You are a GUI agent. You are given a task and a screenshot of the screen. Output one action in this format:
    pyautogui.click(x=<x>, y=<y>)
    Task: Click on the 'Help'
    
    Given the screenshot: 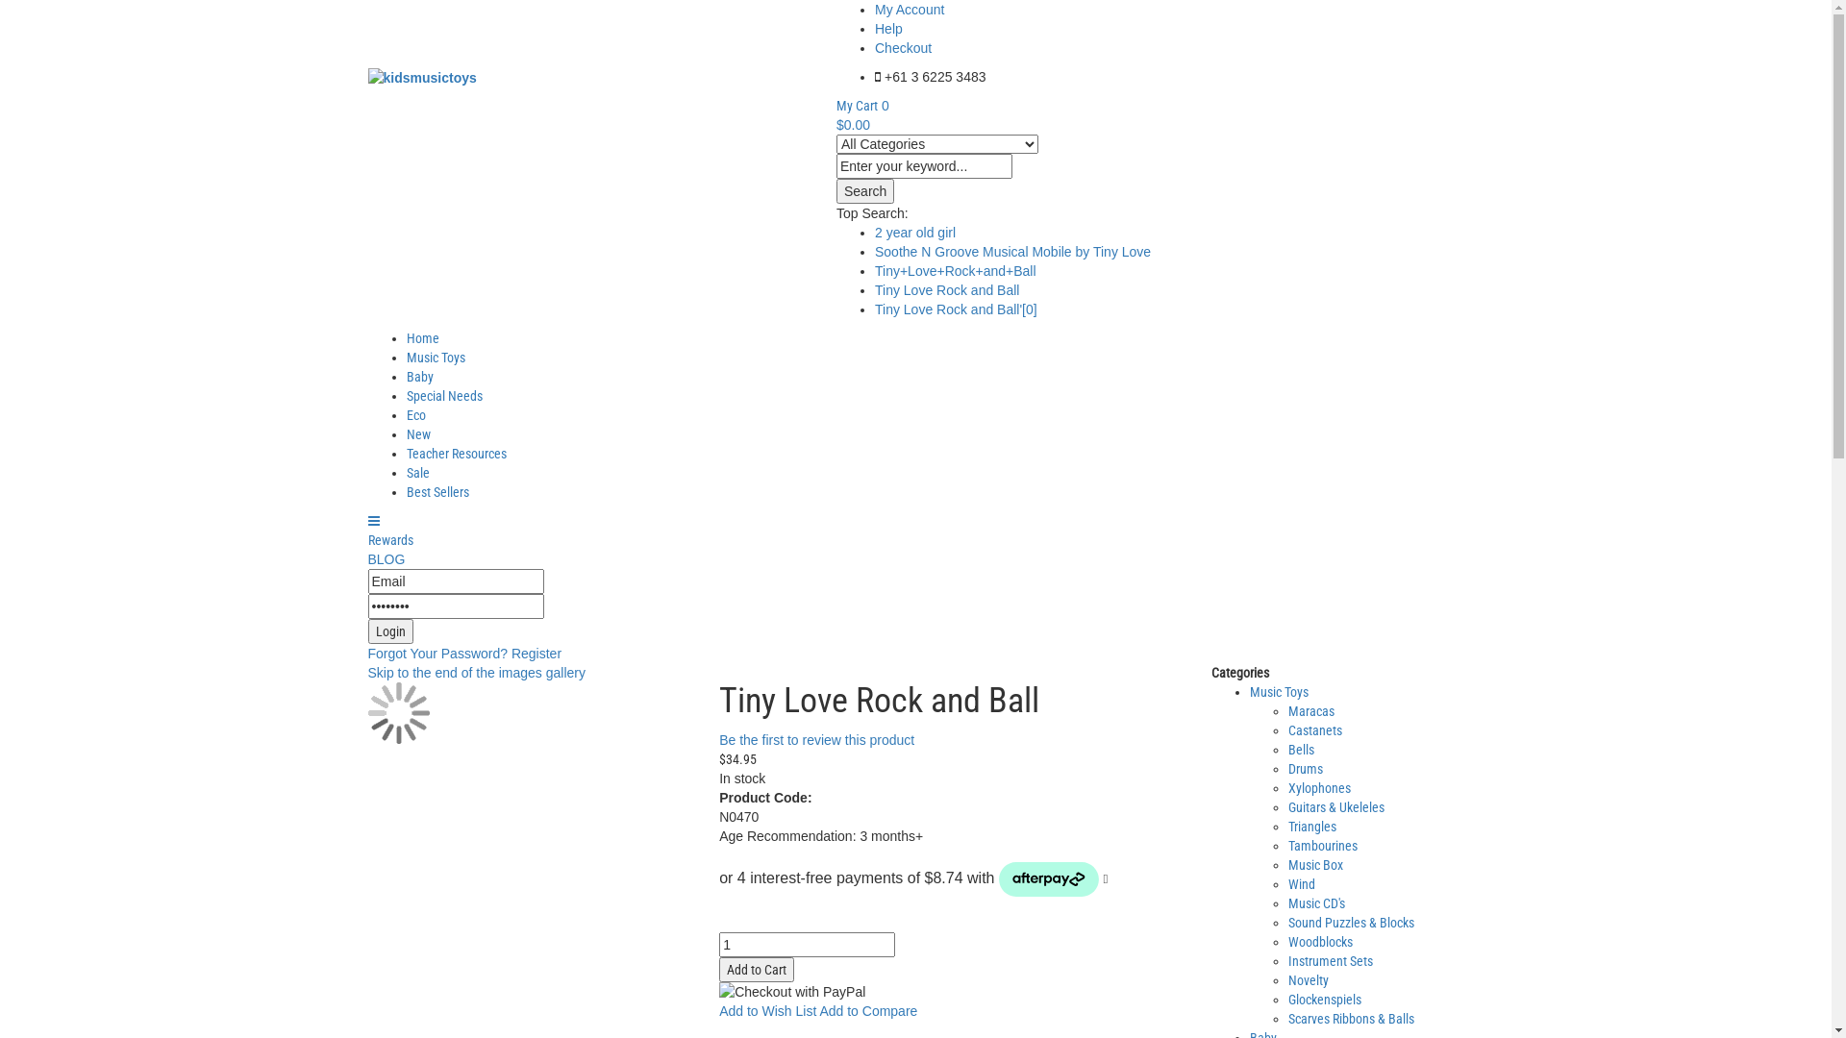 What is the action you would take?
    pyautogui.click(x=874, y=29)
    